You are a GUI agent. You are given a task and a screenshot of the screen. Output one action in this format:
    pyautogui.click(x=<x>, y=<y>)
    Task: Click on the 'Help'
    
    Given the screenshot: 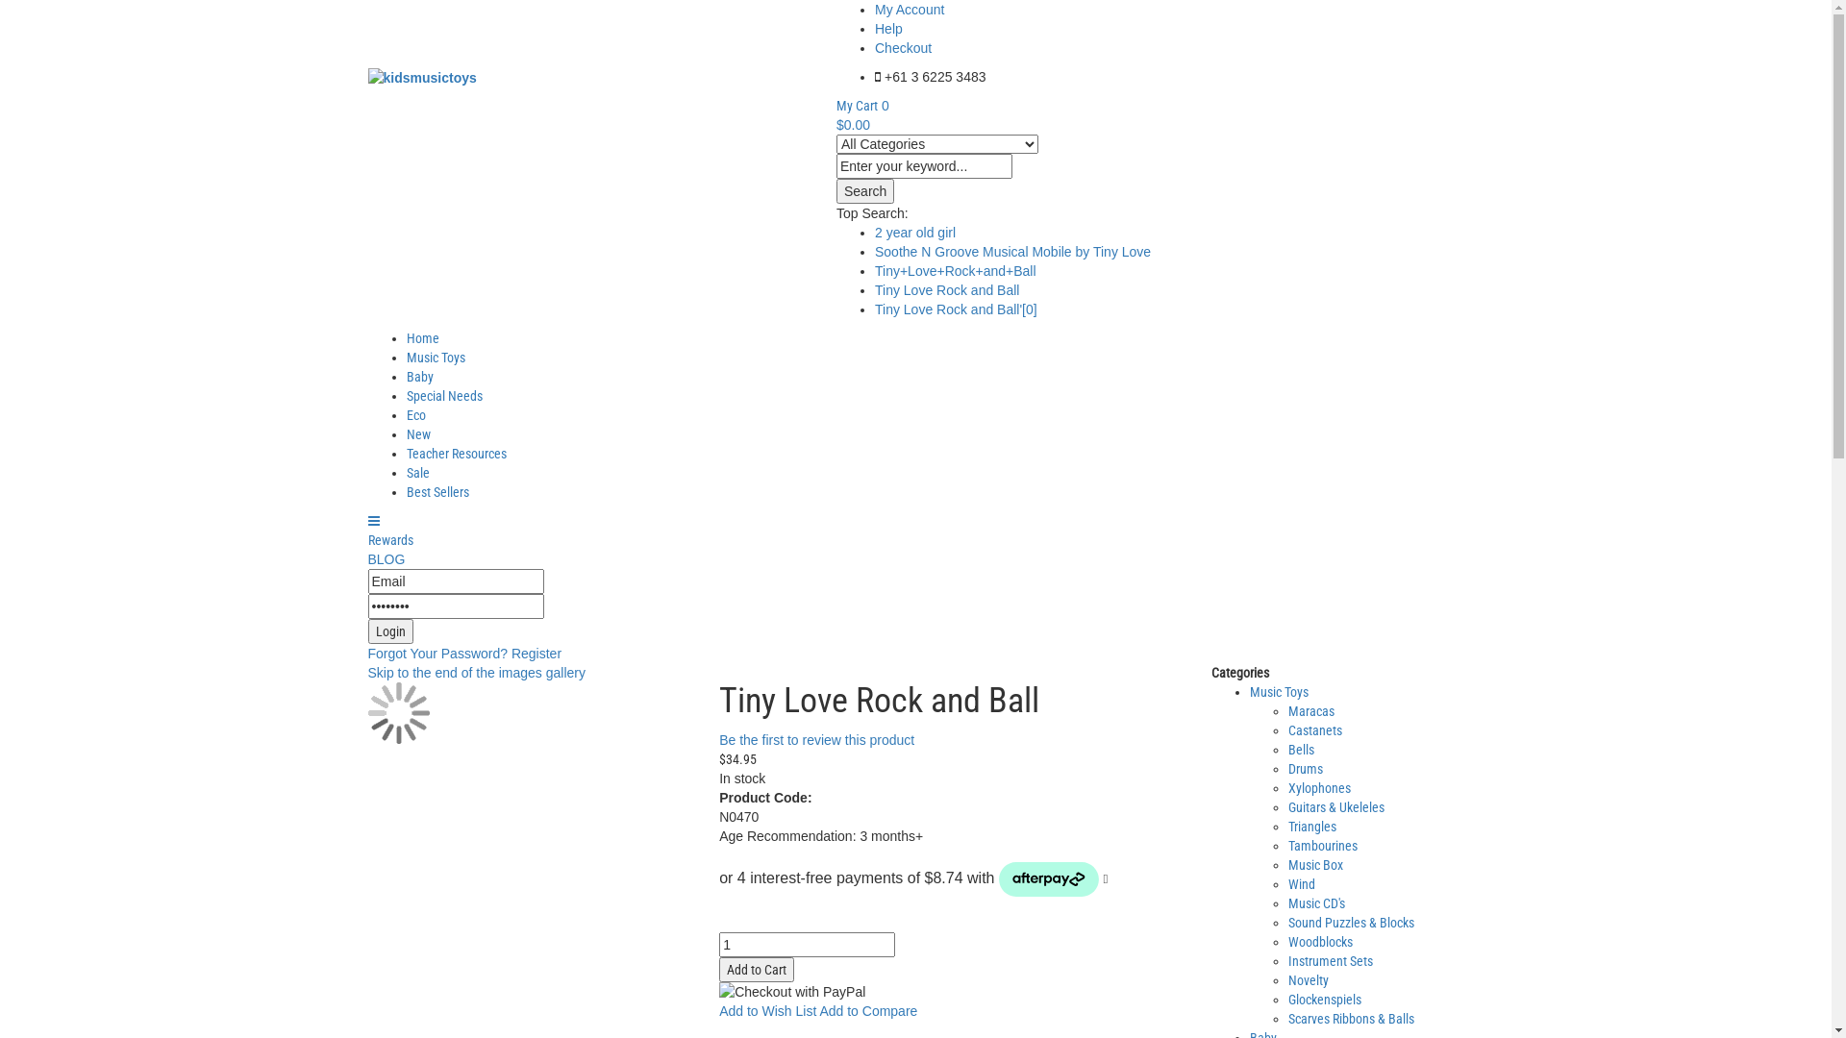 What is the action you would take?
    pyautogui.click(x=874, y=29)
    